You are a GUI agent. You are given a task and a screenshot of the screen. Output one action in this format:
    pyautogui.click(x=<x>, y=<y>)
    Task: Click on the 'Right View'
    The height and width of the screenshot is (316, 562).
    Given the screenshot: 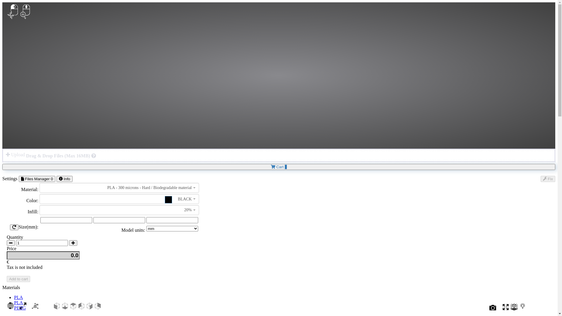 What is the action you would take?
    pyautogui.click(x=86, y=307)
    